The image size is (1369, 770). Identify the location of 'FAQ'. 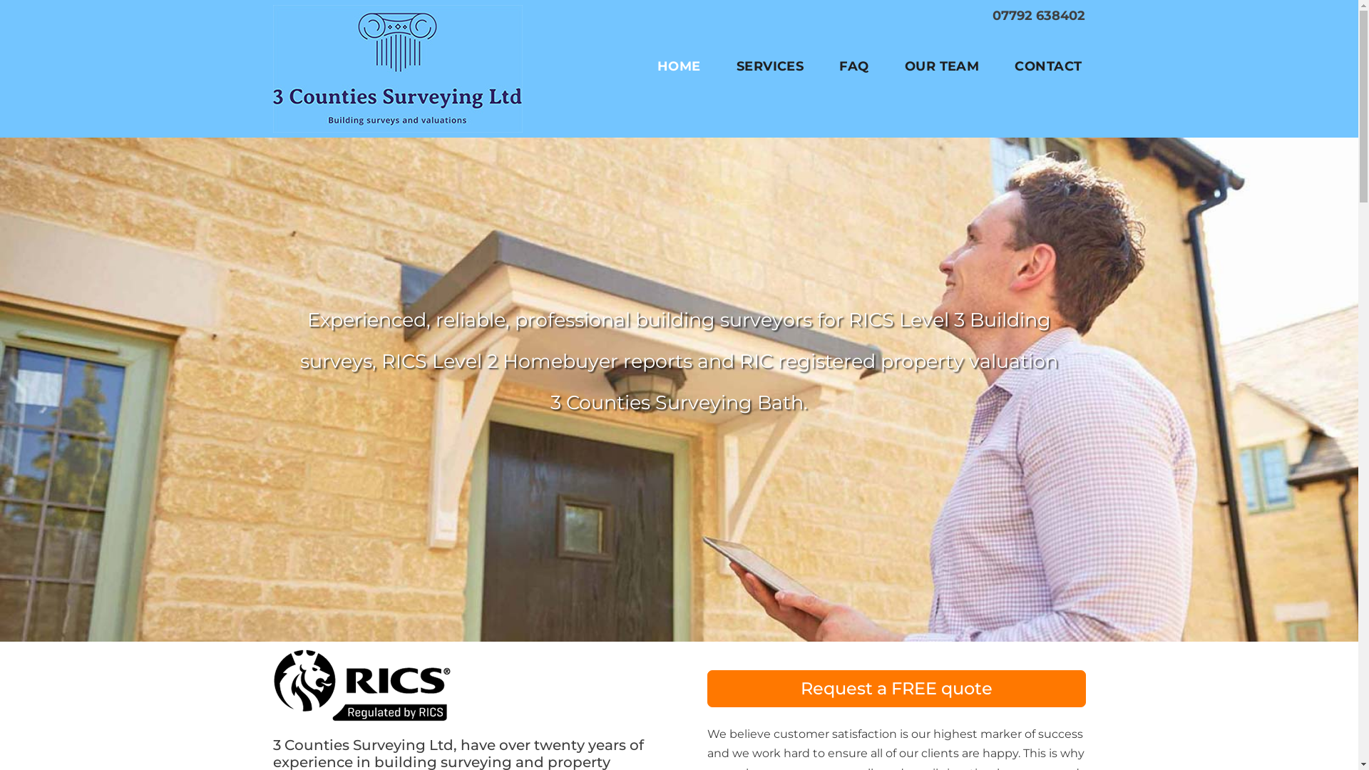
(853, 66).